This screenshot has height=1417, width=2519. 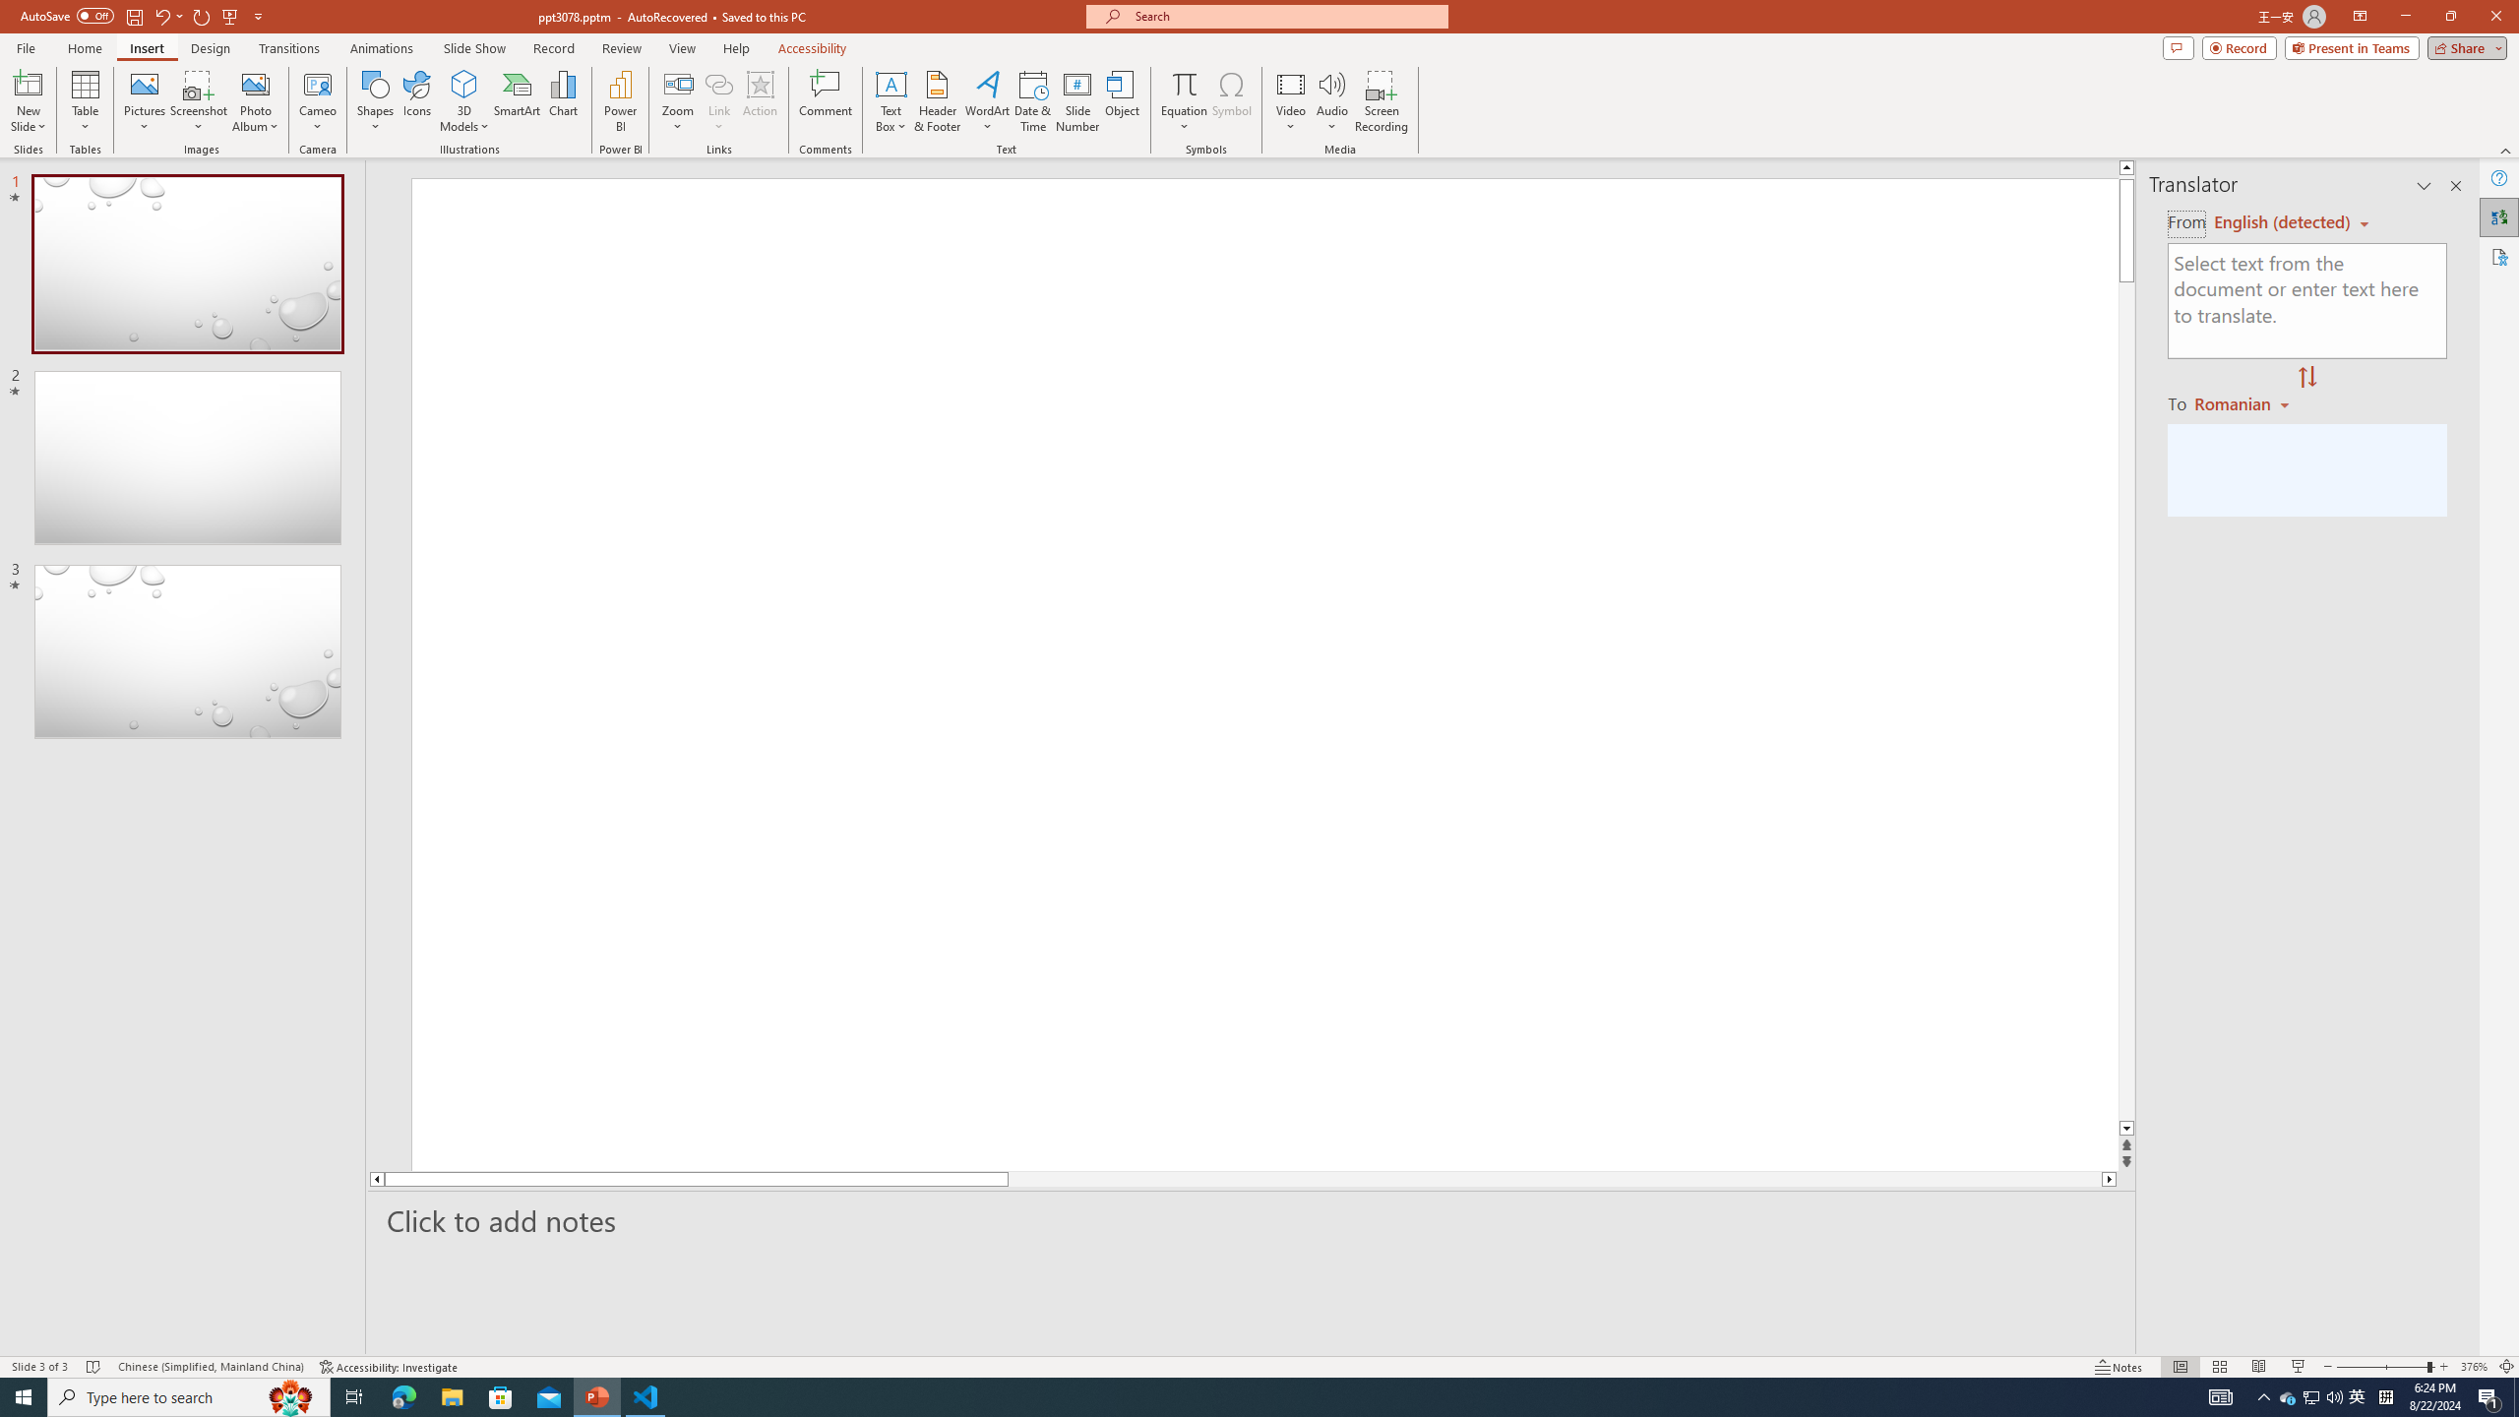 What do you see at coordinates (986, 101) in the screenshot?
I see `'WordArt'` at bounding box center [986, 101].